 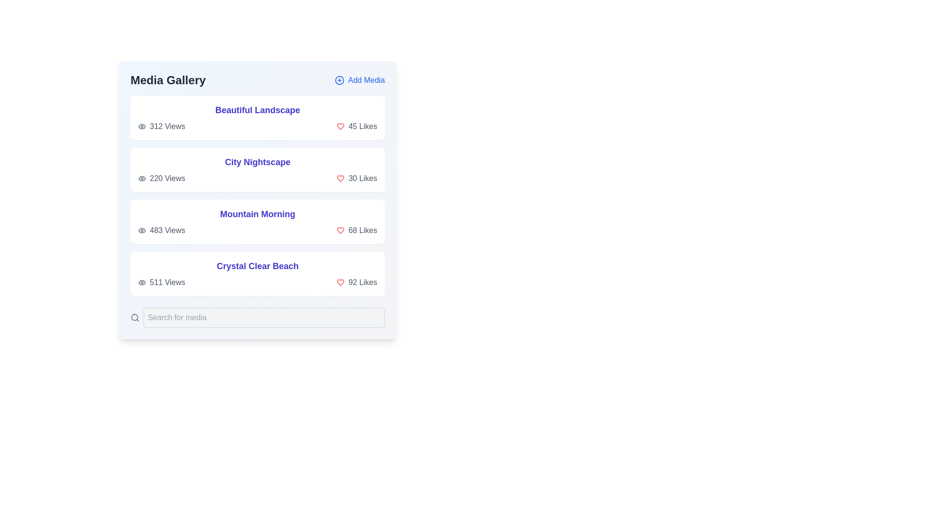 What do you see at coordinates (257, 274) in the screenshot?
I see `the card representing the media item titled 'Crystal Clear Beach'` at bounding box center [257, 274].